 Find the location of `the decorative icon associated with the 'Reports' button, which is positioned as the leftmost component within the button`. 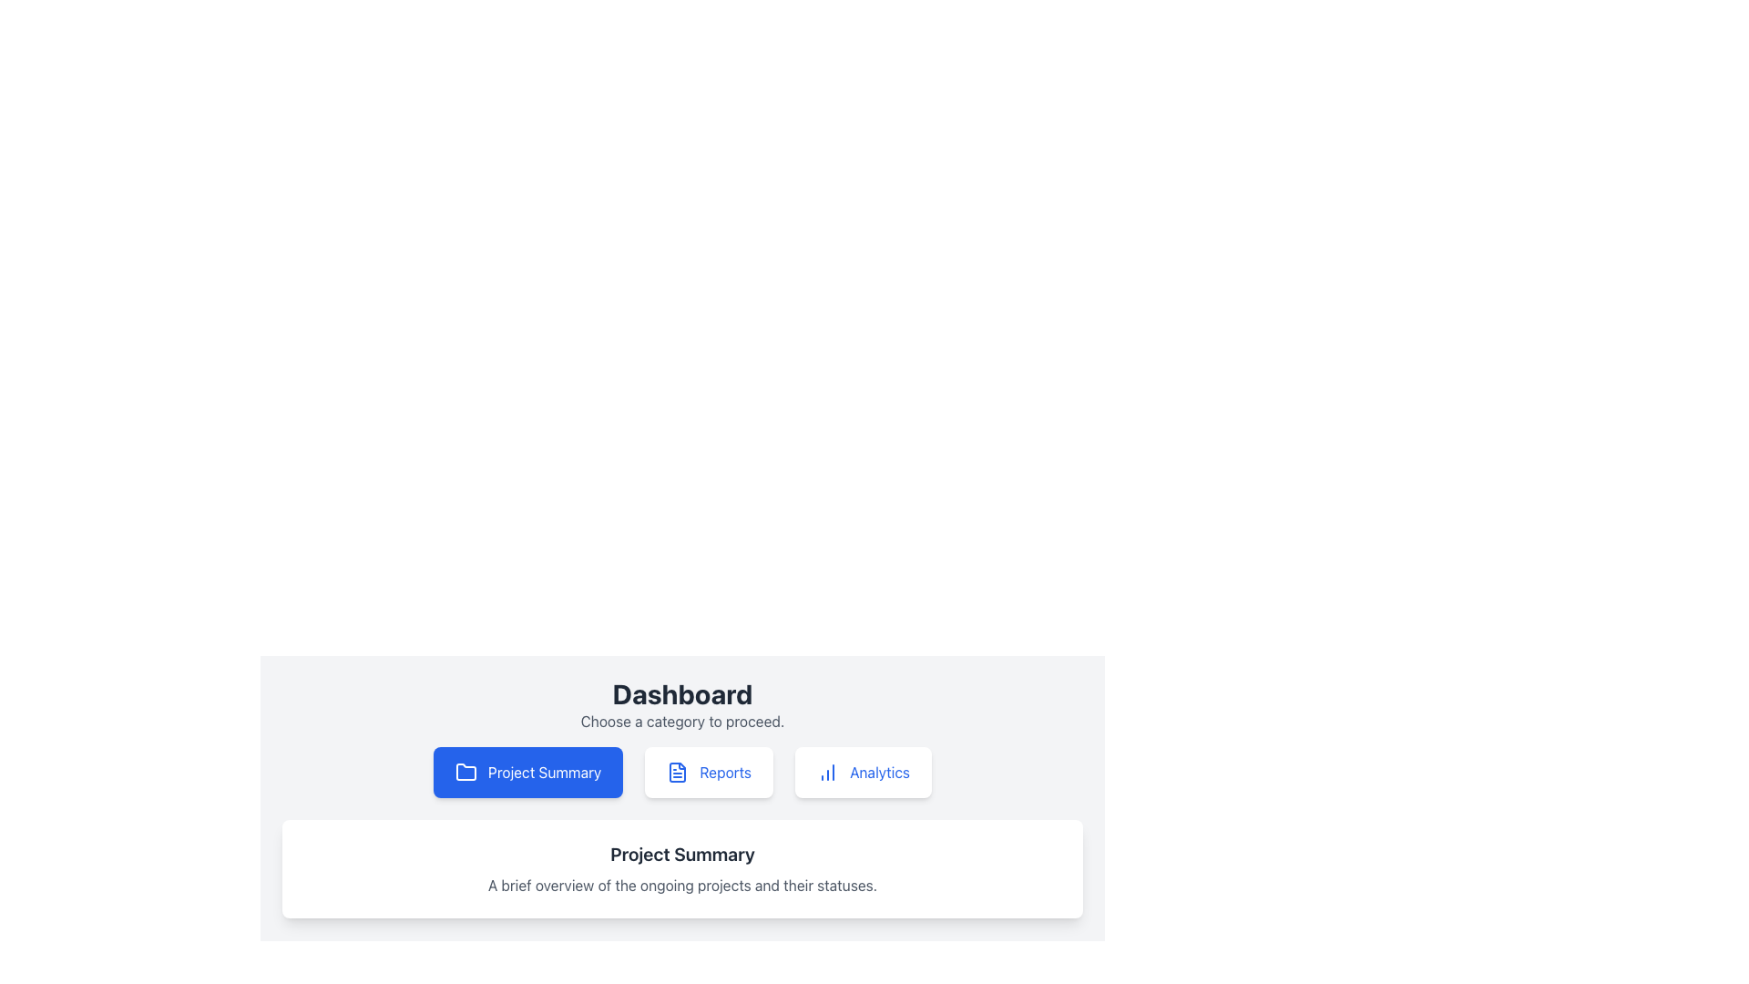

the decorative icon associated with the 'Reports' button, which is positioned as the leftmost component within the button is located at coordinates (677, 773).